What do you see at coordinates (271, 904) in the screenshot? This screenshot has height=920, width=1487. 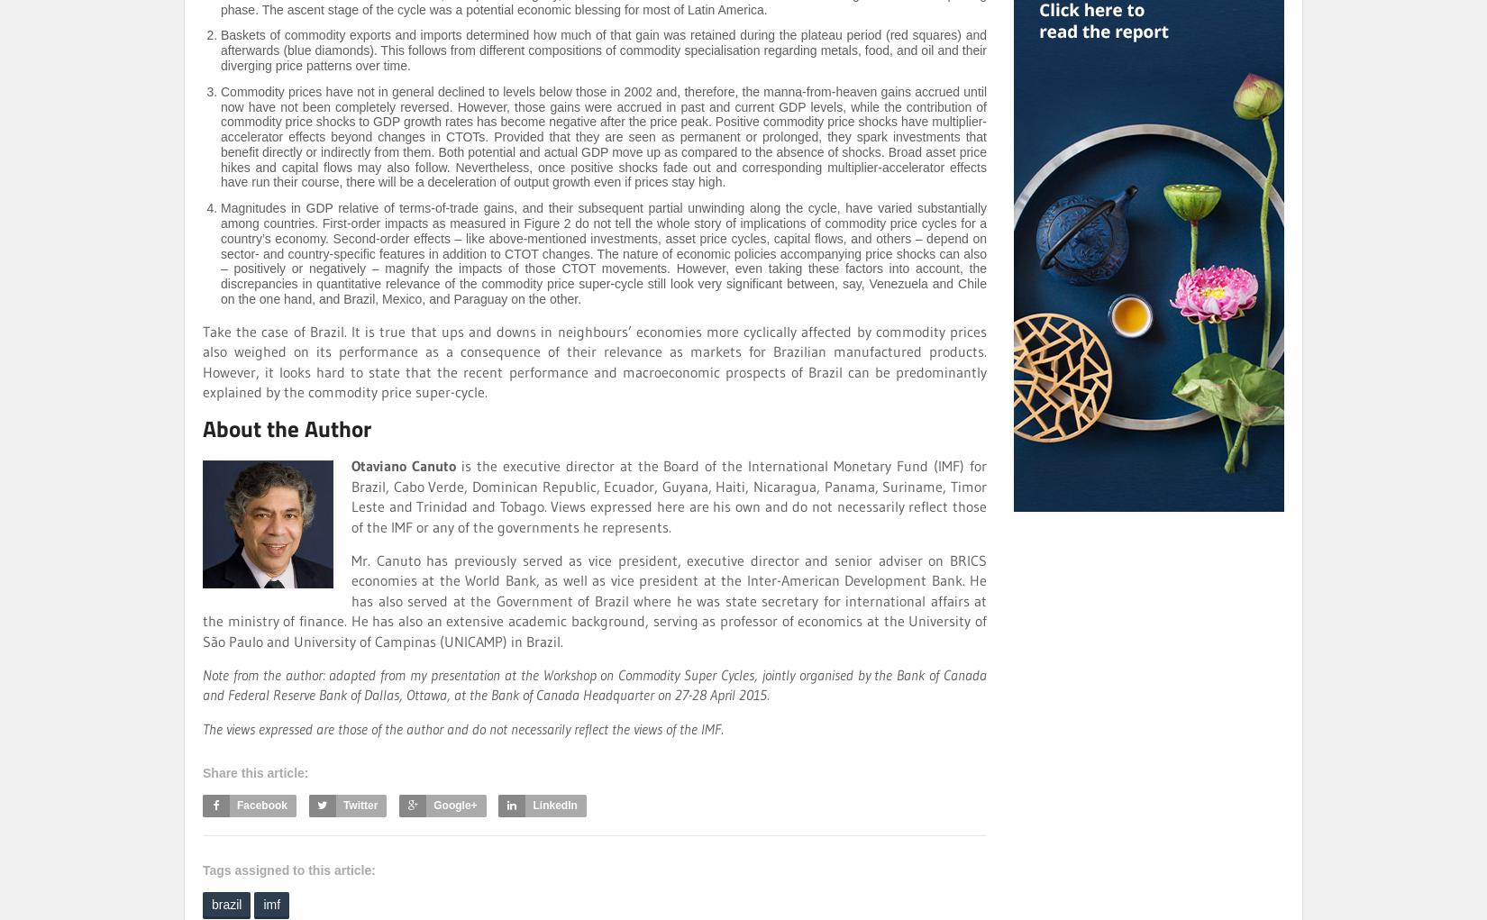 I see `'imf'` at bounding box center [271, 904].